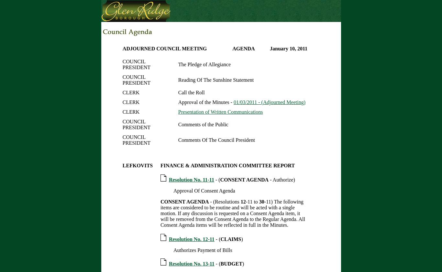  What do you see at coordinates (191, 264) in the screenshot?
I see `'Resolution  No.   13-11'` at bounding box center [191, 264].